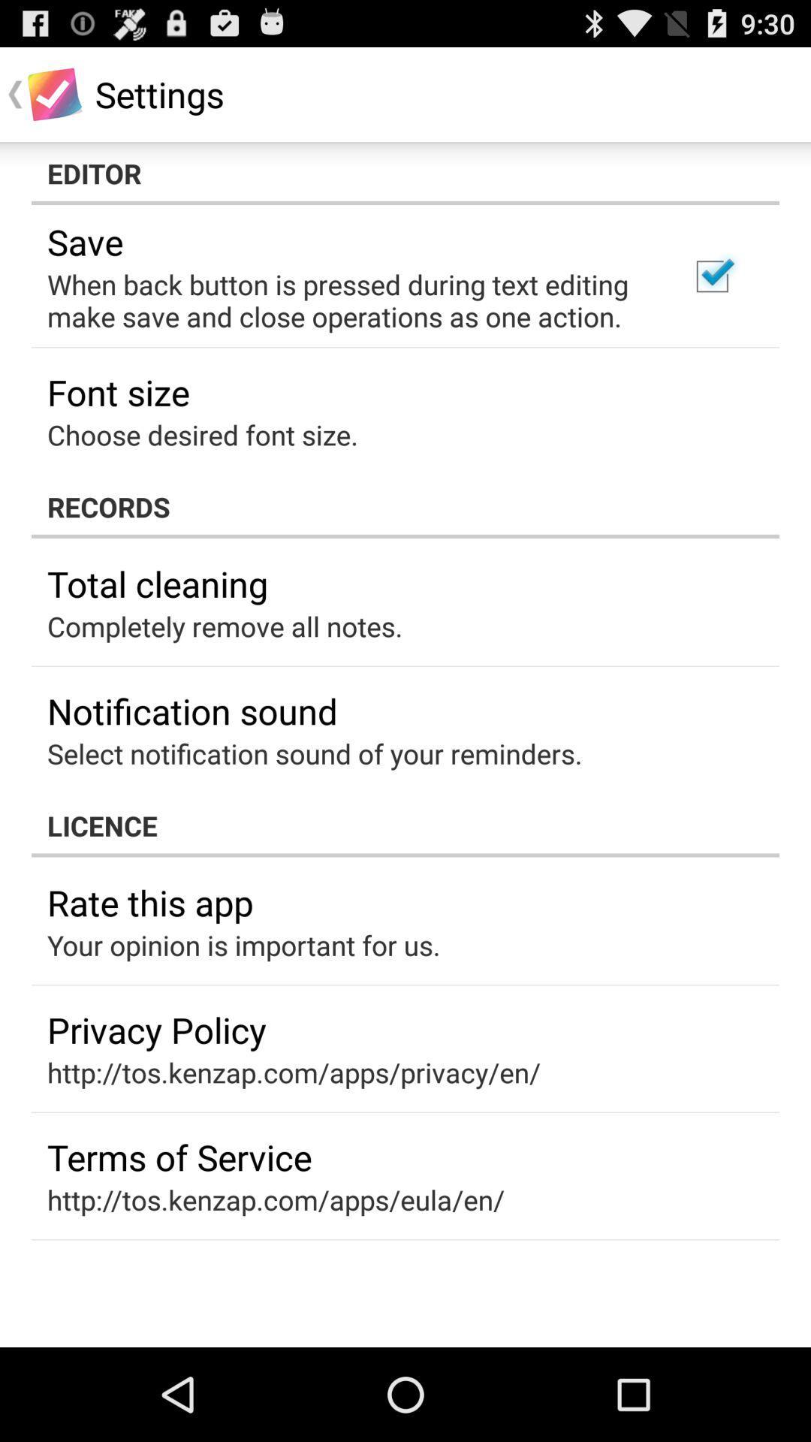  Describe the element at coordinates (179, 1156) in the screenshot. I see `item above http tos kenzap item` at that location.